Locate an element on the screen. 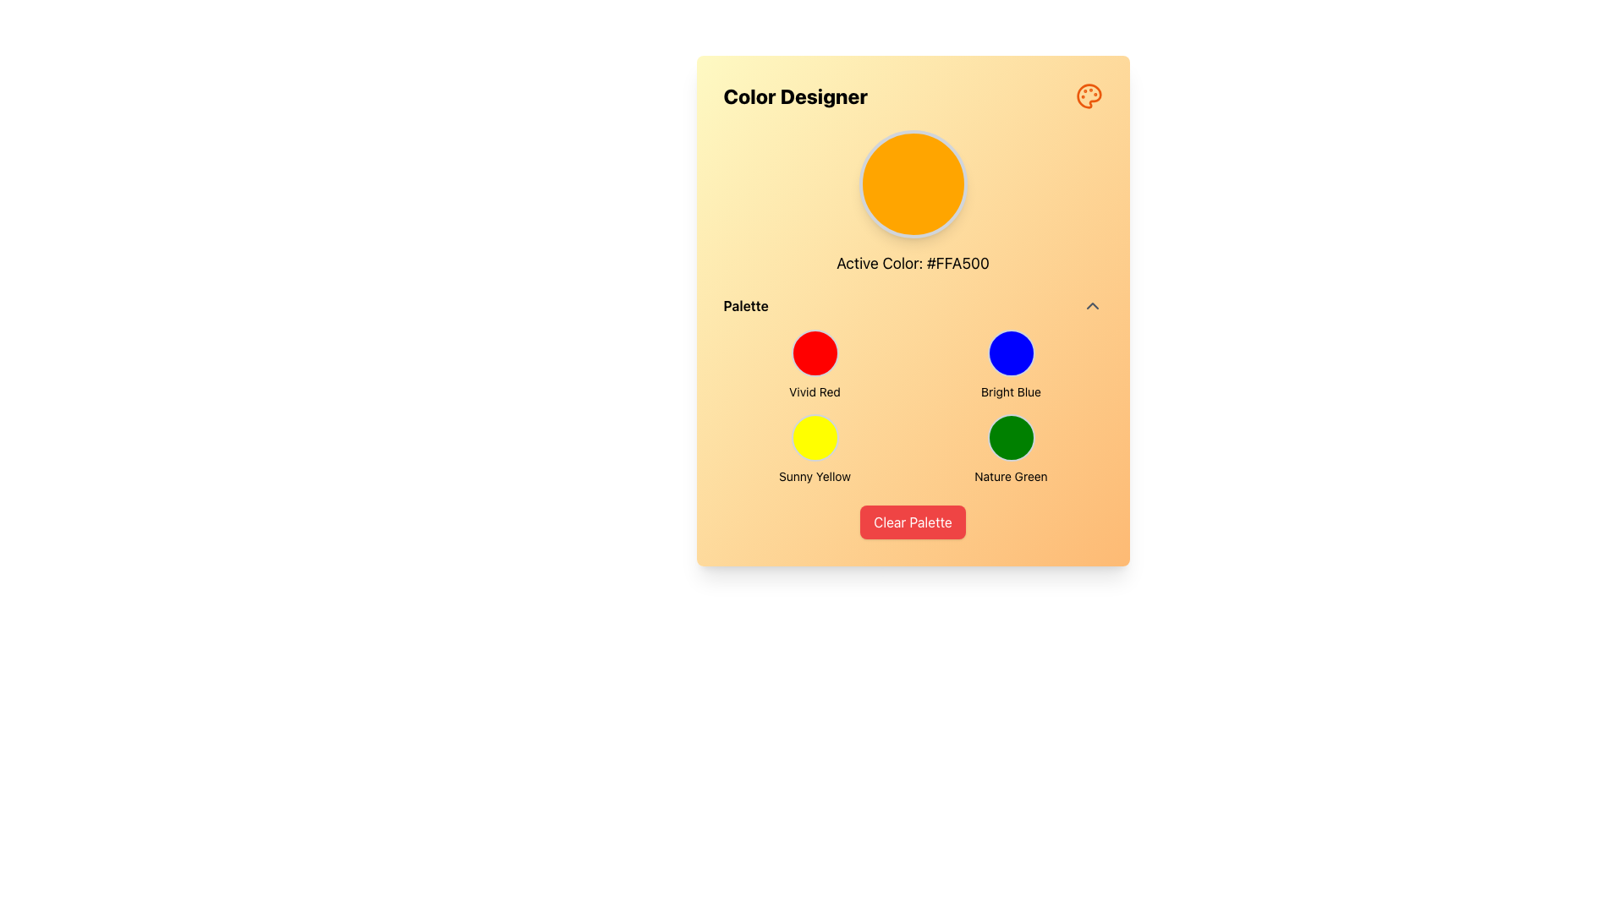 The width and height of the screenshot is (1624, 913). the clear/reset button located at the bottom center of the user interface to reset the current color palette selection is located at coordinates (912, 521).